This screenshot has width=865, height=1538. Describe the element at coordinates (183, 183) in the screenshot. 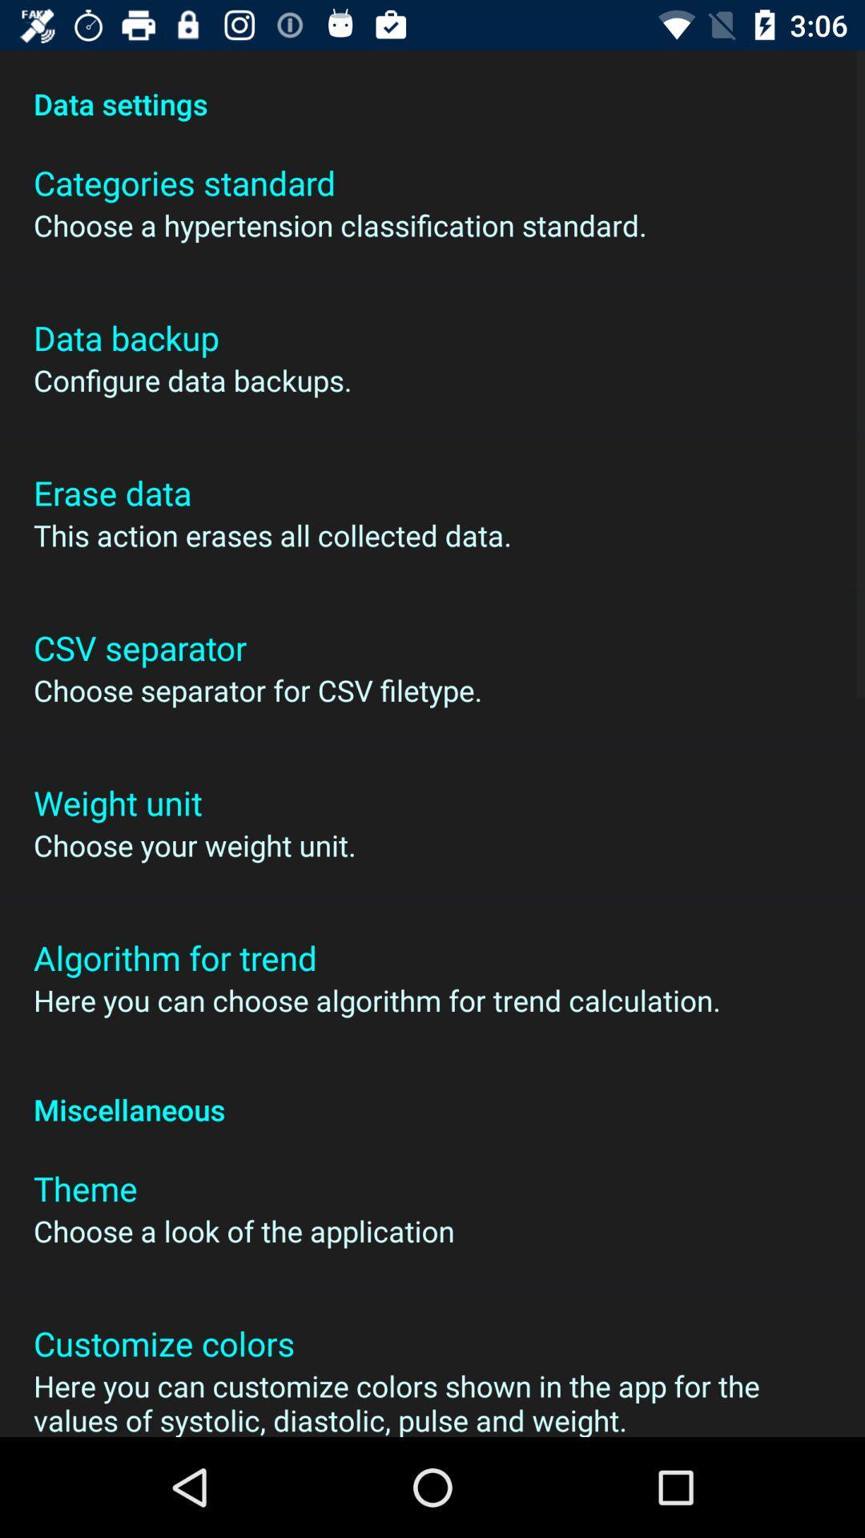

I see `the categories standard icon` at that location.